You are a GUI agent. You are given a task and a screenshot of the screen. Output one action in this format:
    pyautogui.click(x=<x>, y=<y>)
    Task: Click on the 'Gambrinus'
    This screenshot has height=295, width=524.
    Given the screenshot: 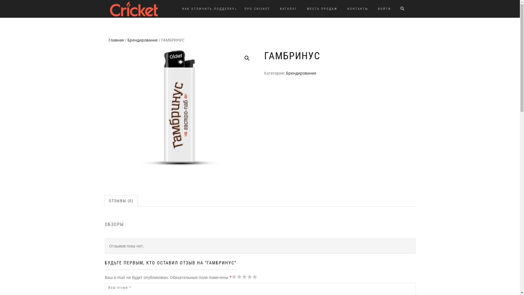 What is the action you would take?
    pyautogui.click(x=180, y=107)
    